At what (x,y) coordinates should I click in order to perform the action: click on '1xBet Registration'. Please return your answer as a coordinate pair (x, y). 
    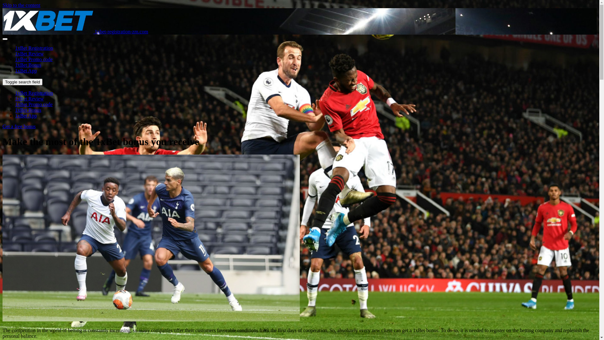
    Looking at the image, I should click on (33, 93).